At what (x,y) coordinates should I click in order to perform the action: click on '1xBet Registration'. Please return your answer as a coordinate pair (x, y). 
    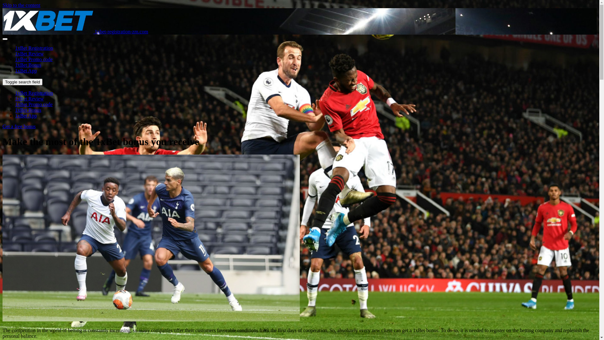
    Looking at the image, I should click on (33, 93).